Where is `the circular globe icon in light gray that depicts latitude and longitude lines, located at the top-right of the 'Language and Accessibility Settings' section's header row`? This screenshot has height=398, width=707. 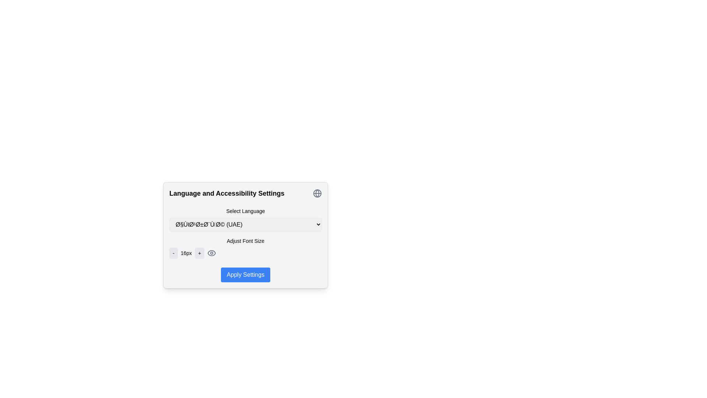
the circular globe icon in light gray that depicts latitude and longitude lines, located at the top-right of the 'Language and Accessibility Settings' section's header row is located at coordinates (317, 193).